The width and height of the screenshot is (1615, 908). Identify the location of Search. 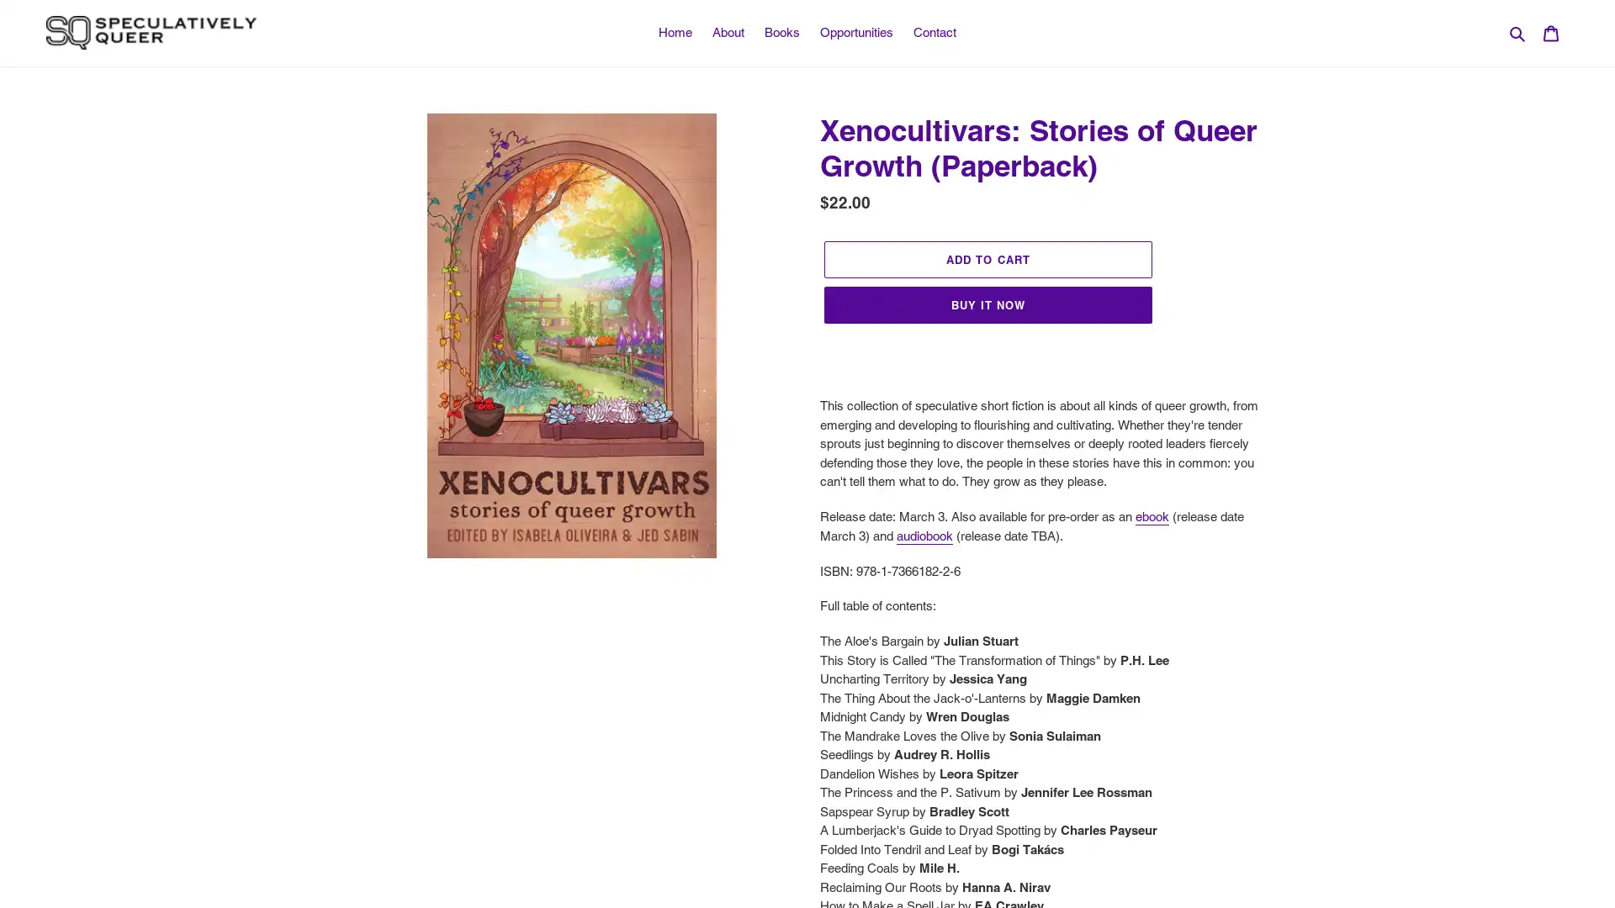
(1518, 32).